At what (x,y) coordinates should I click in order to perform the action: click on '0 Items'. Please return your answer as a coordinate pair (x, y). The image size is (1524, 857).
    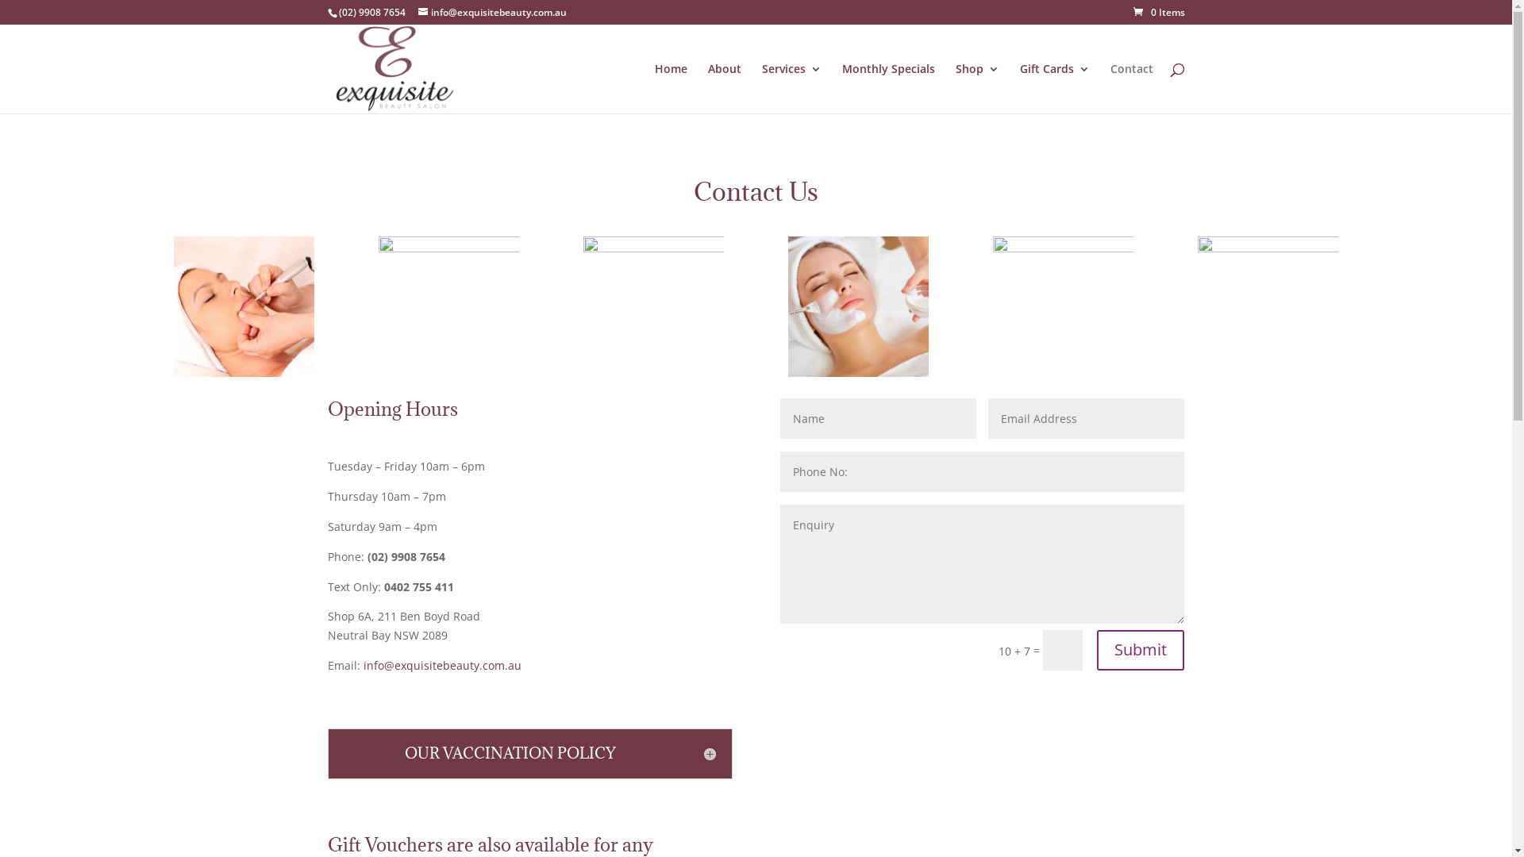
    Looking at the image, I should click on (1159, 12).